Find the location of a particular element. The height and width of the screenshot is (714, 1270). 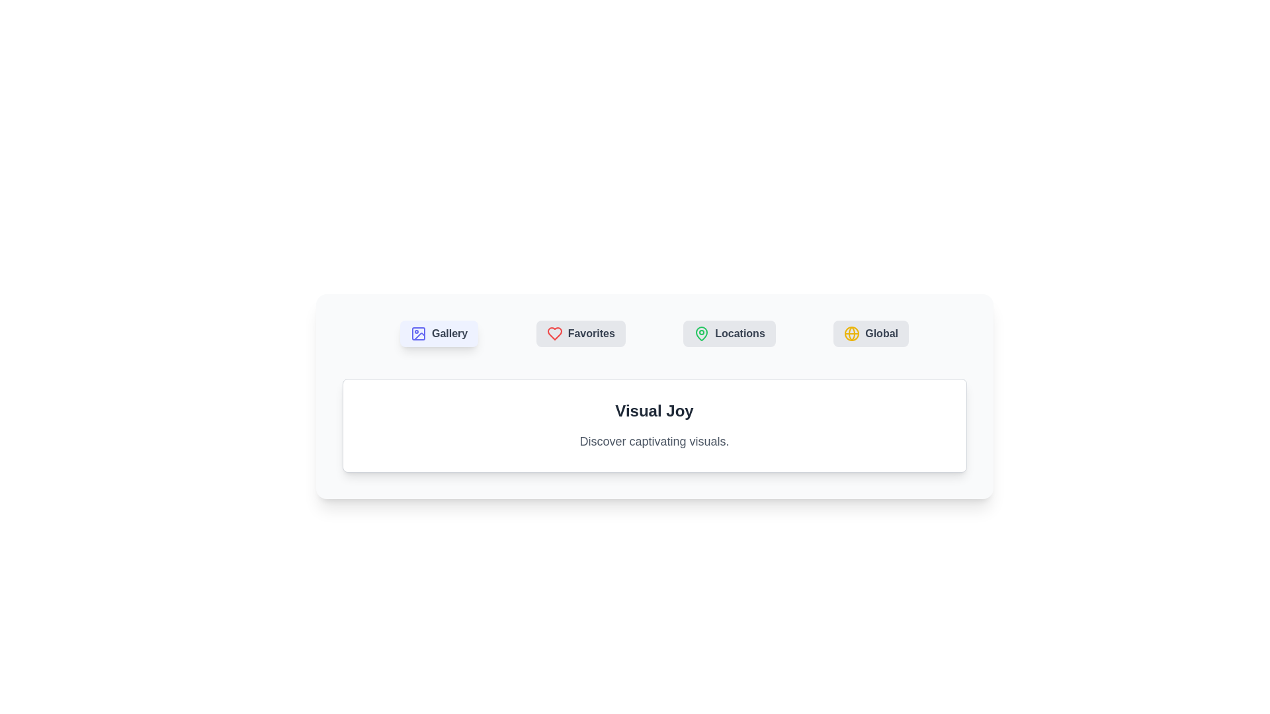

the tab labeled Locations to observe its hover effect is located at coordinates (729, 333).